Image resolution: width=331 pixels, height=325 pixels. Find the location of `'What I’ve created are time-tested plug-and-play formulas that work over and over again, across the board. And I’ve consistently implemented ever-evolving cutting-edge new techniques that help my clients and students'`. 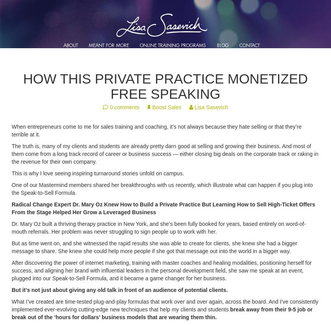

'What I’ve created are time-tested plug-and-play formulas that work over and over again, across the board. And I’ve consistently implemented ever-evolving cutting-edge new techniques that help my clients and students' is located at coordinates (11, 305).